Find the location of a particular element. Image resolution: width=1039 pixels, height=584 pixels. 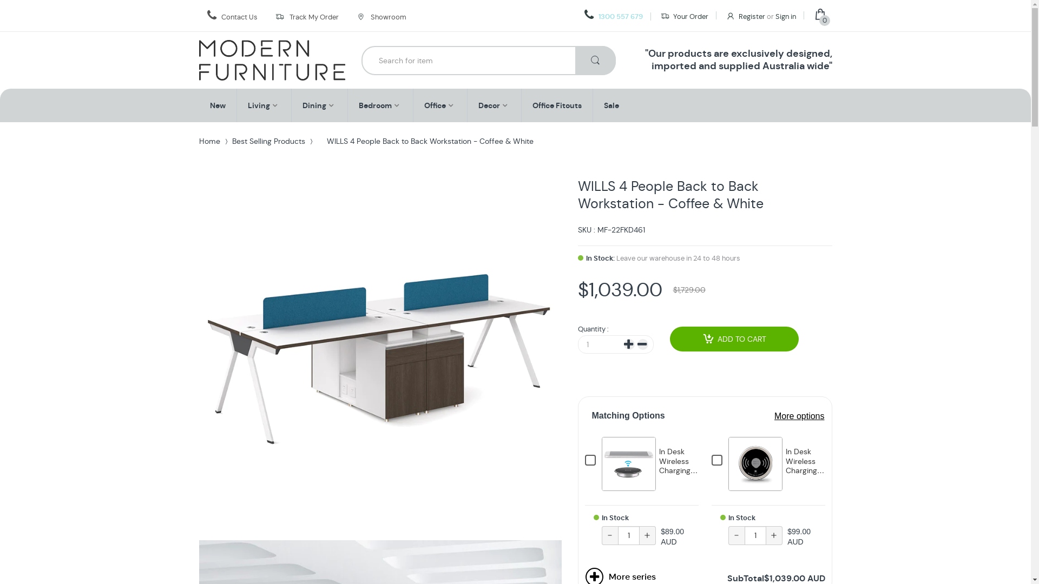

'Dining' is located at coordinates (301, 105).